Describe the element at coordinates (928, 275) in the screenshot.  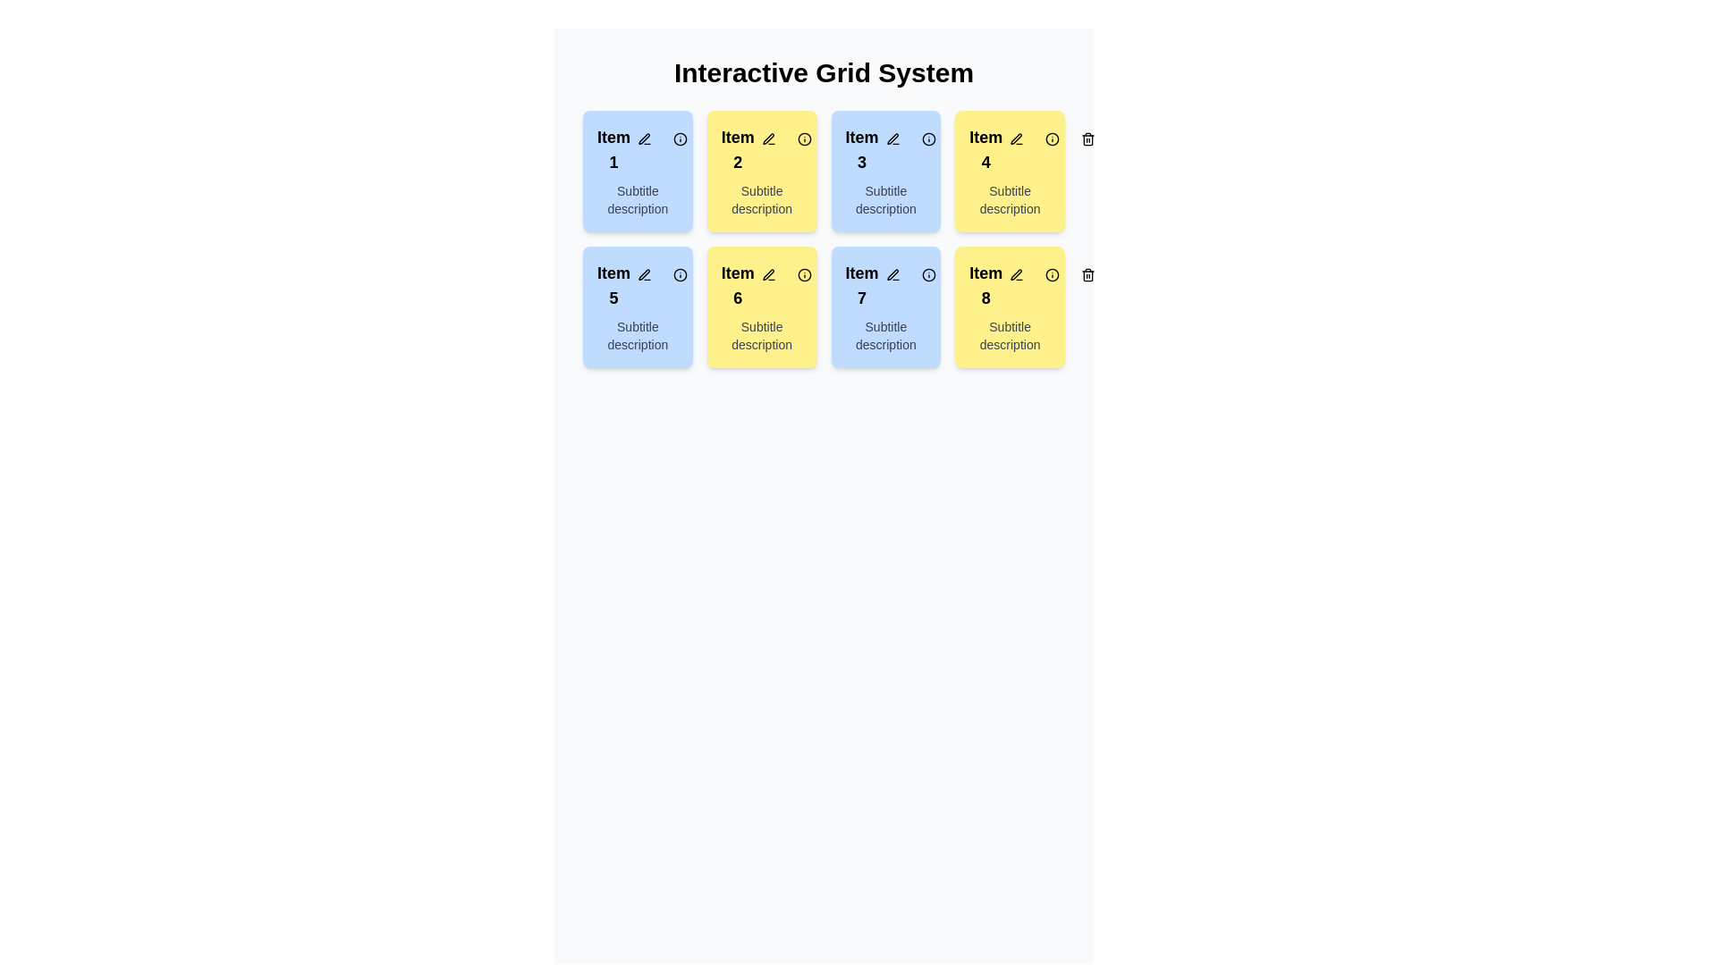
I see `the informational indicator button located in the second row, third column of the grid layout, positioned to the right of the 'edit' button for 'Item 7'` at that location.